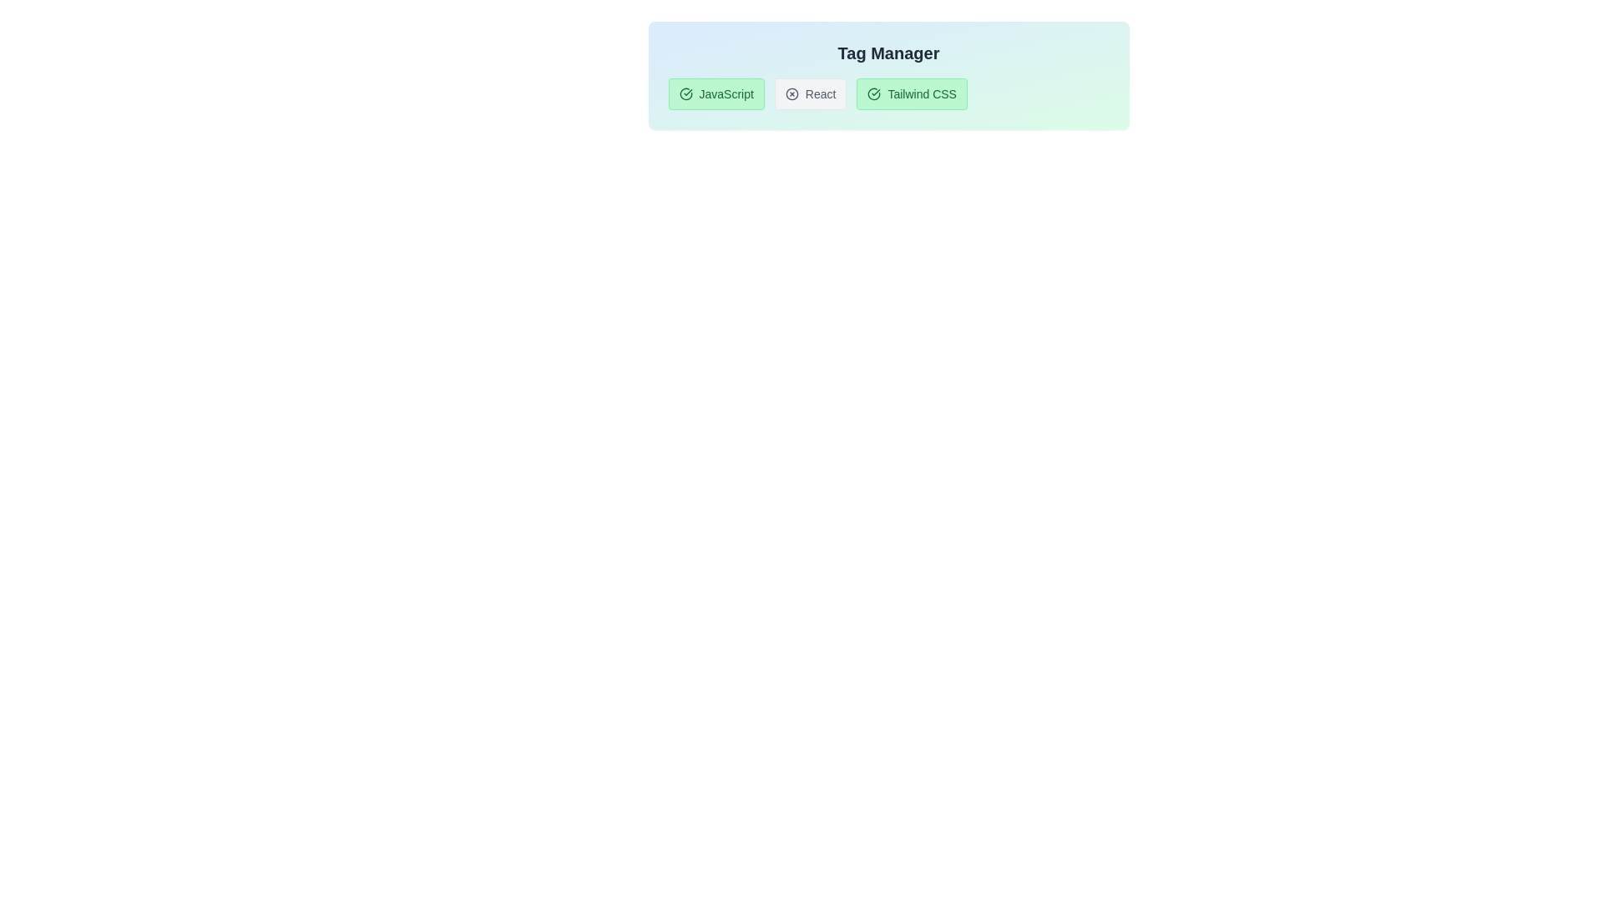 Image resolution: width=1603 pixels, height=901 pixels. I want to click on the tag Tailwind CSS to open its context menu, so click(912, 93).